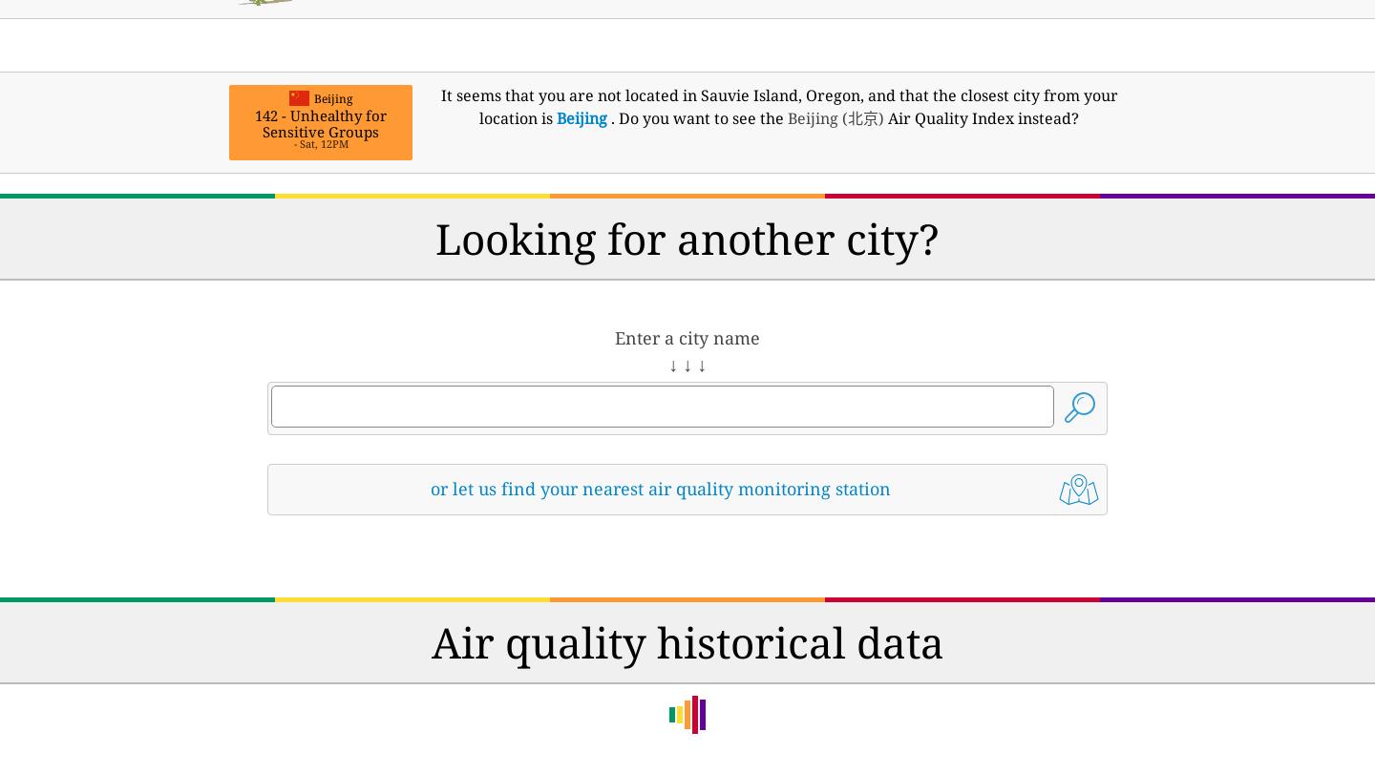 The image size is (1375, 774). I want to click on 'Enter a city name', so click(687, 337).